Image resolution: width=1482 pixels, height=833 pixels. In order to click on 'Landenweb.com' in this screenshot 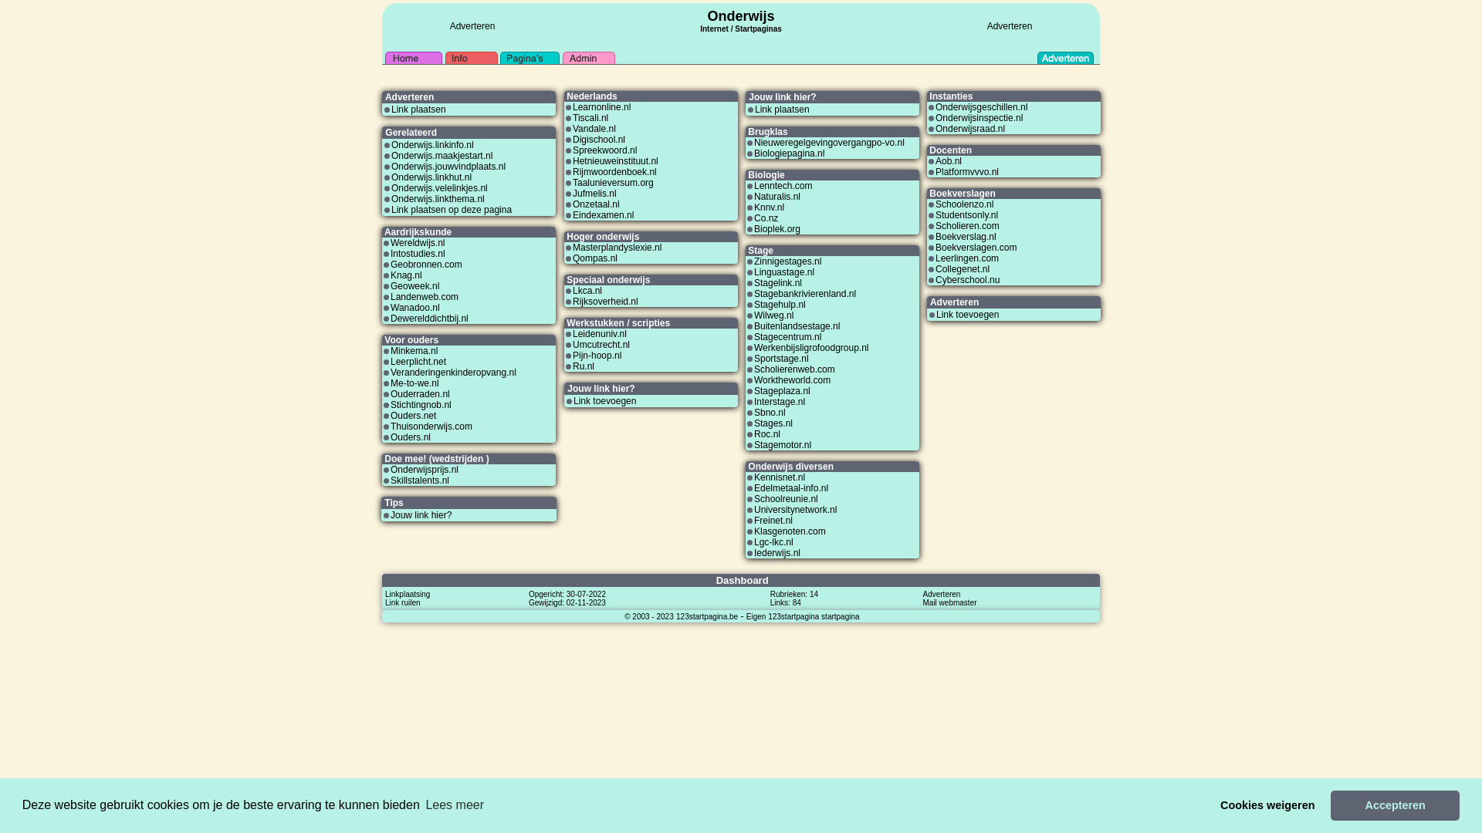, I will do `click(390, 297)`.